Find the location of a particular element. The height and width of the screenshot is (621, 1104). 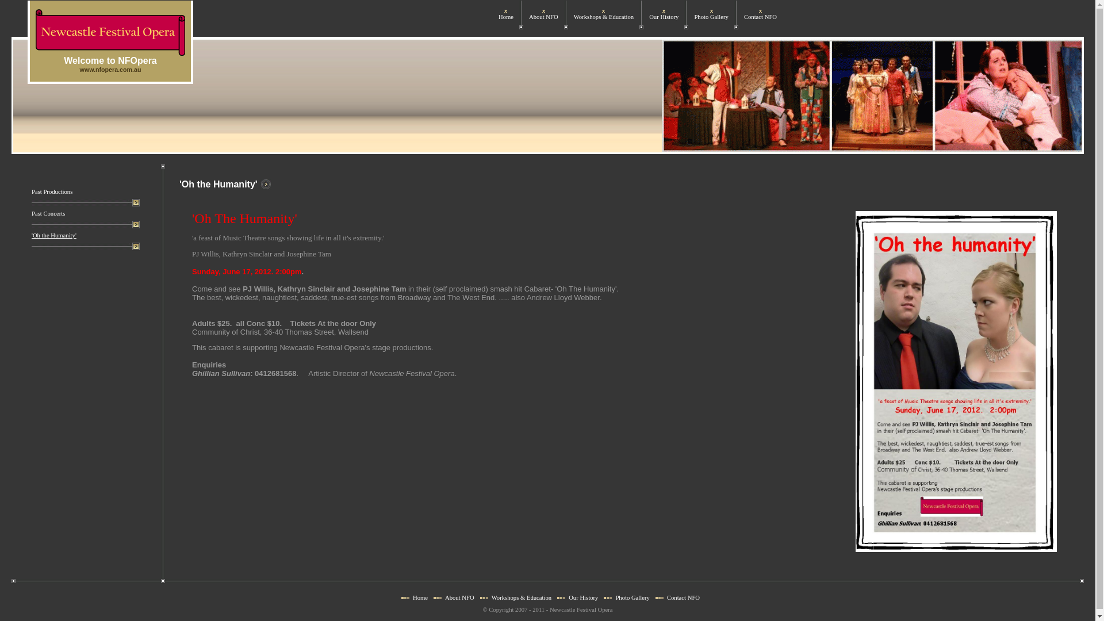

'Past Concerts' is located at coordinates (47, 213).